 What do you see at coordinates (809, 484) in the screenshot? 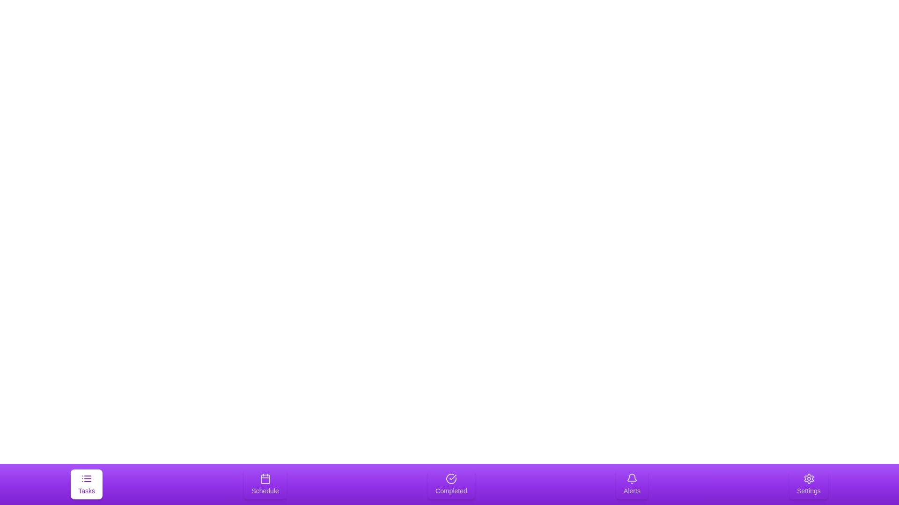
I see `the Settings tab to select it` at bounding box center [809, 484].